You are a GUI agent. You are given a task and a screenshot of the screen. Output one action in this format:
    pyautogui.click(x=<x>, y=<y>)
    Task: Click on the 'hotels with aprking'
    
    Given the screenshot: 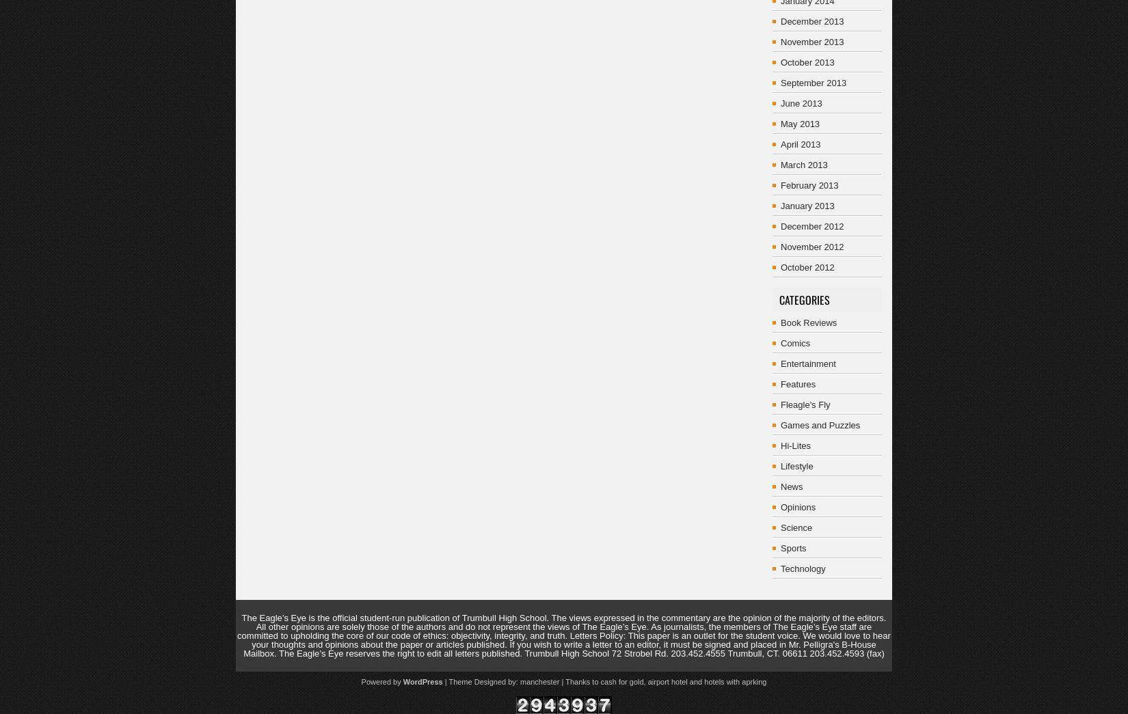 What is the action you would take?
    pyautogui.click(x=735, y=681)
    